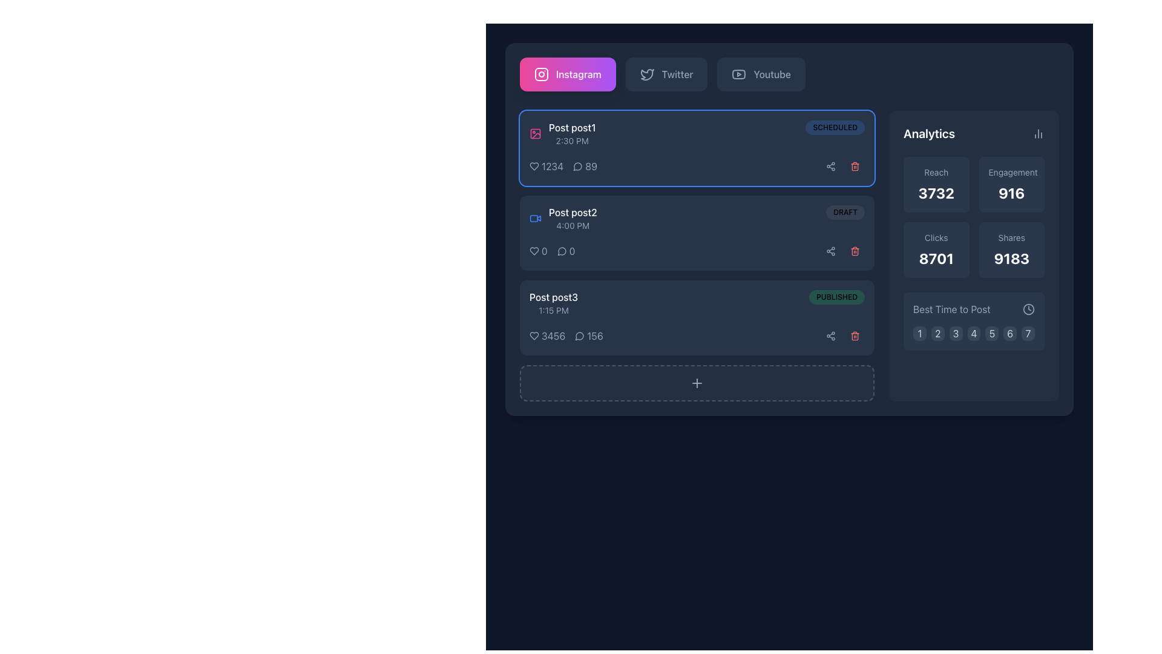 The width and height of the screenshot is (1162, 654). What do you see at coordinates (854, 251) in the screenshot?
I see `the delete button located in the middle-right area of the interface, positioned to the immediate right of the third post entry's textual content` at bounding box center [854, 251].